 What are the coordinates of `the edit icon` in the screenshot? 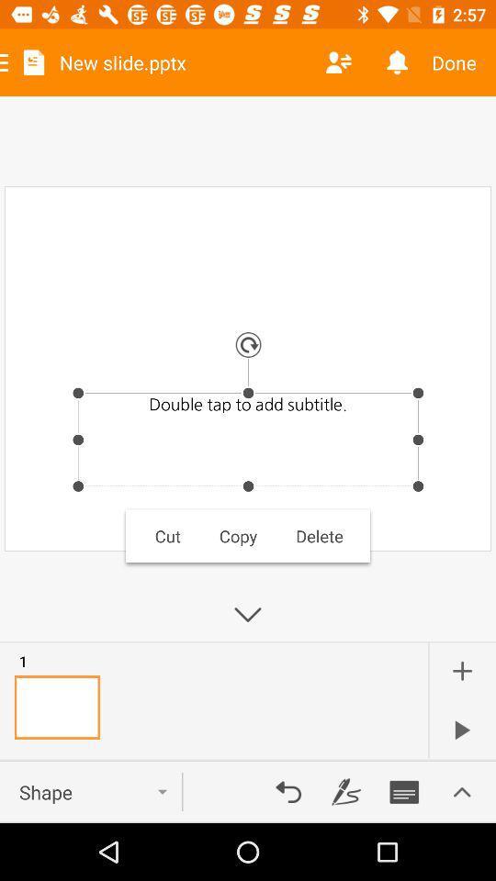 It's located at (346, 791).